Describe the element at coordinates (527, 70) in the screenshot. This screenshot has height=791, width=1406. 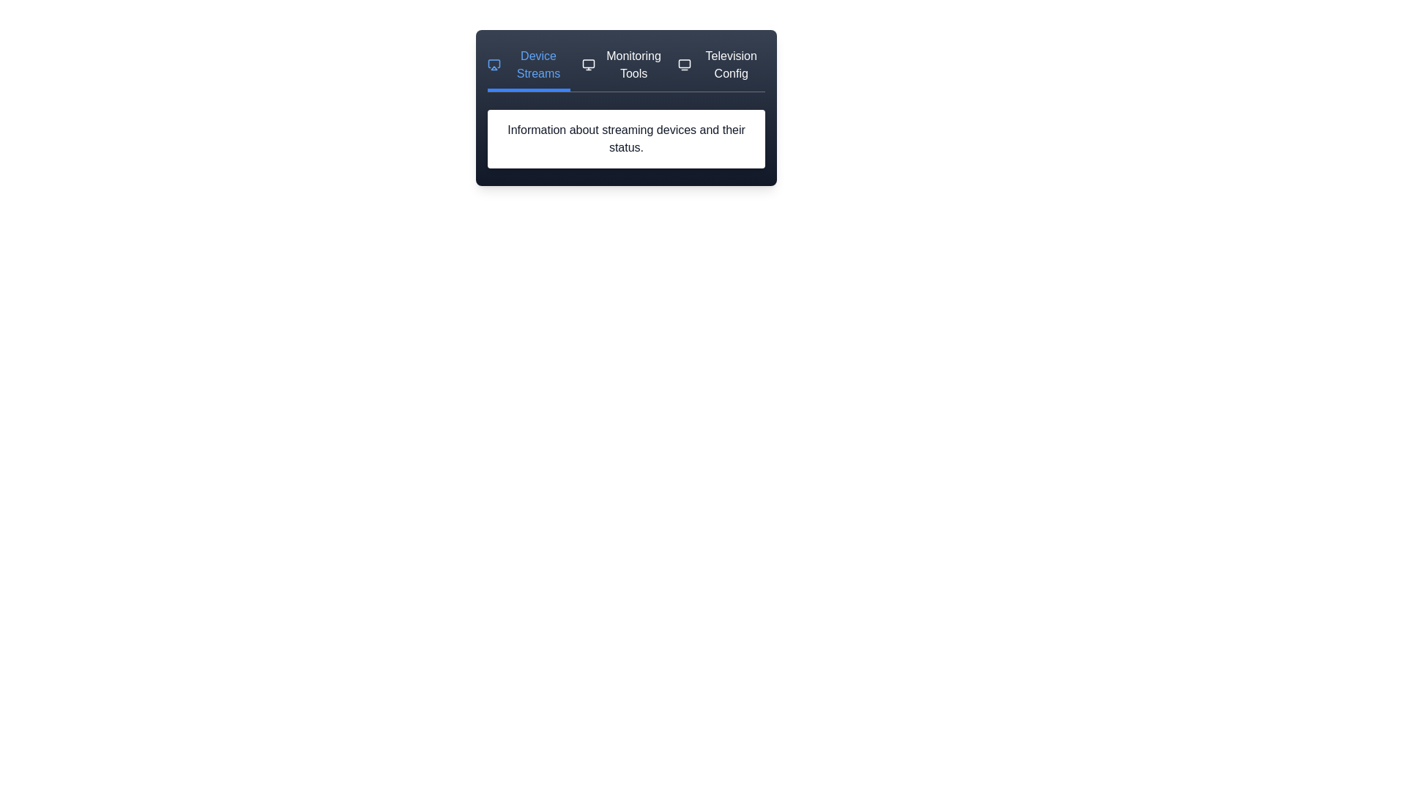
I see `the tab labeled Device Streams to preview its effect` at that location.